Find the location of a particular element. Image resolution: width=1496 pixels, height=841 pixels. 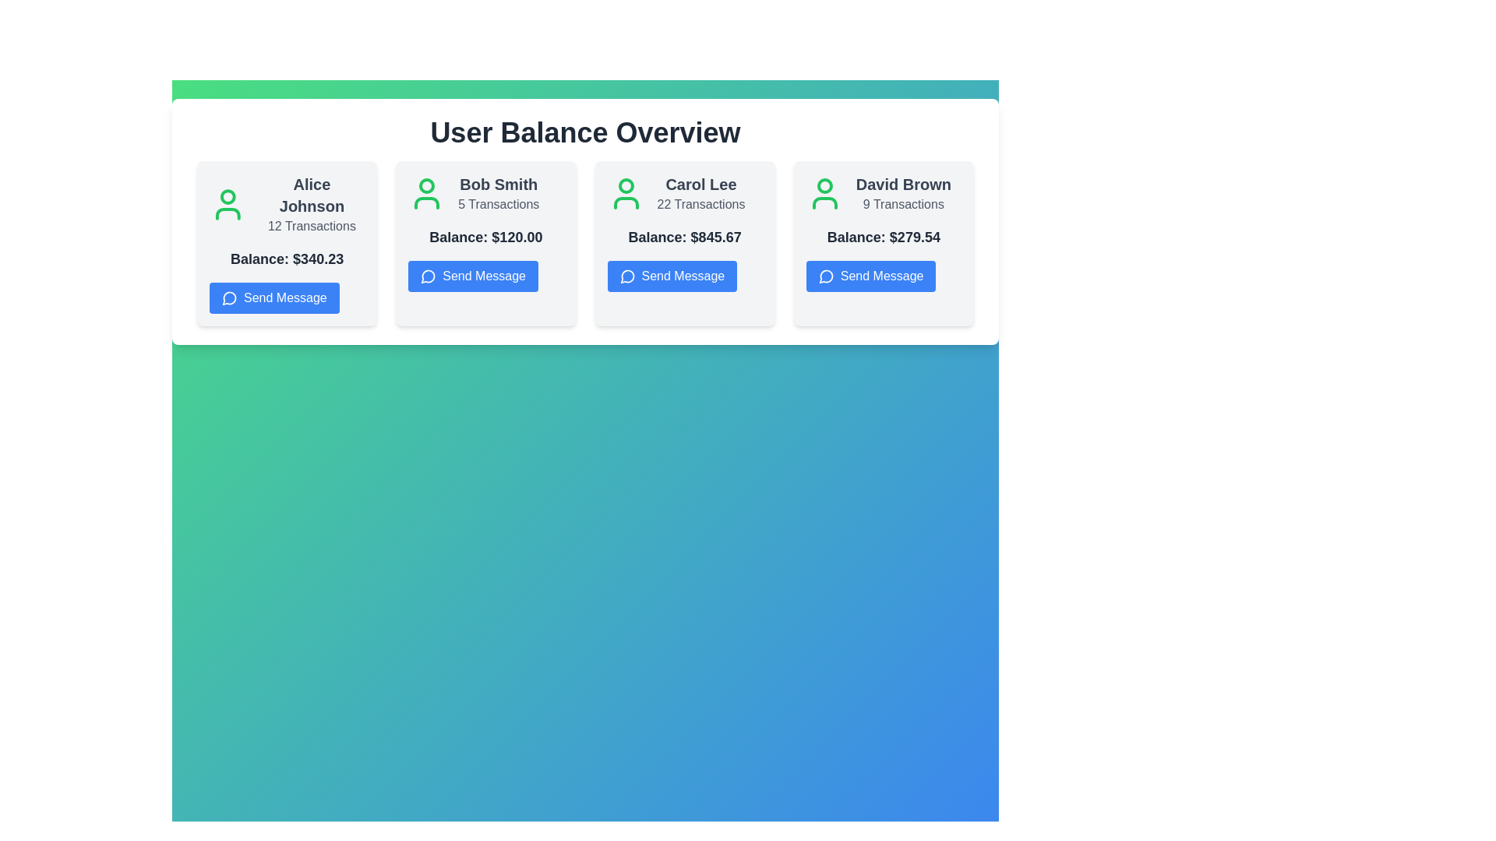

the text block displaying the user's name and transaction count in the first profile card is located at coordinates (287, 203).